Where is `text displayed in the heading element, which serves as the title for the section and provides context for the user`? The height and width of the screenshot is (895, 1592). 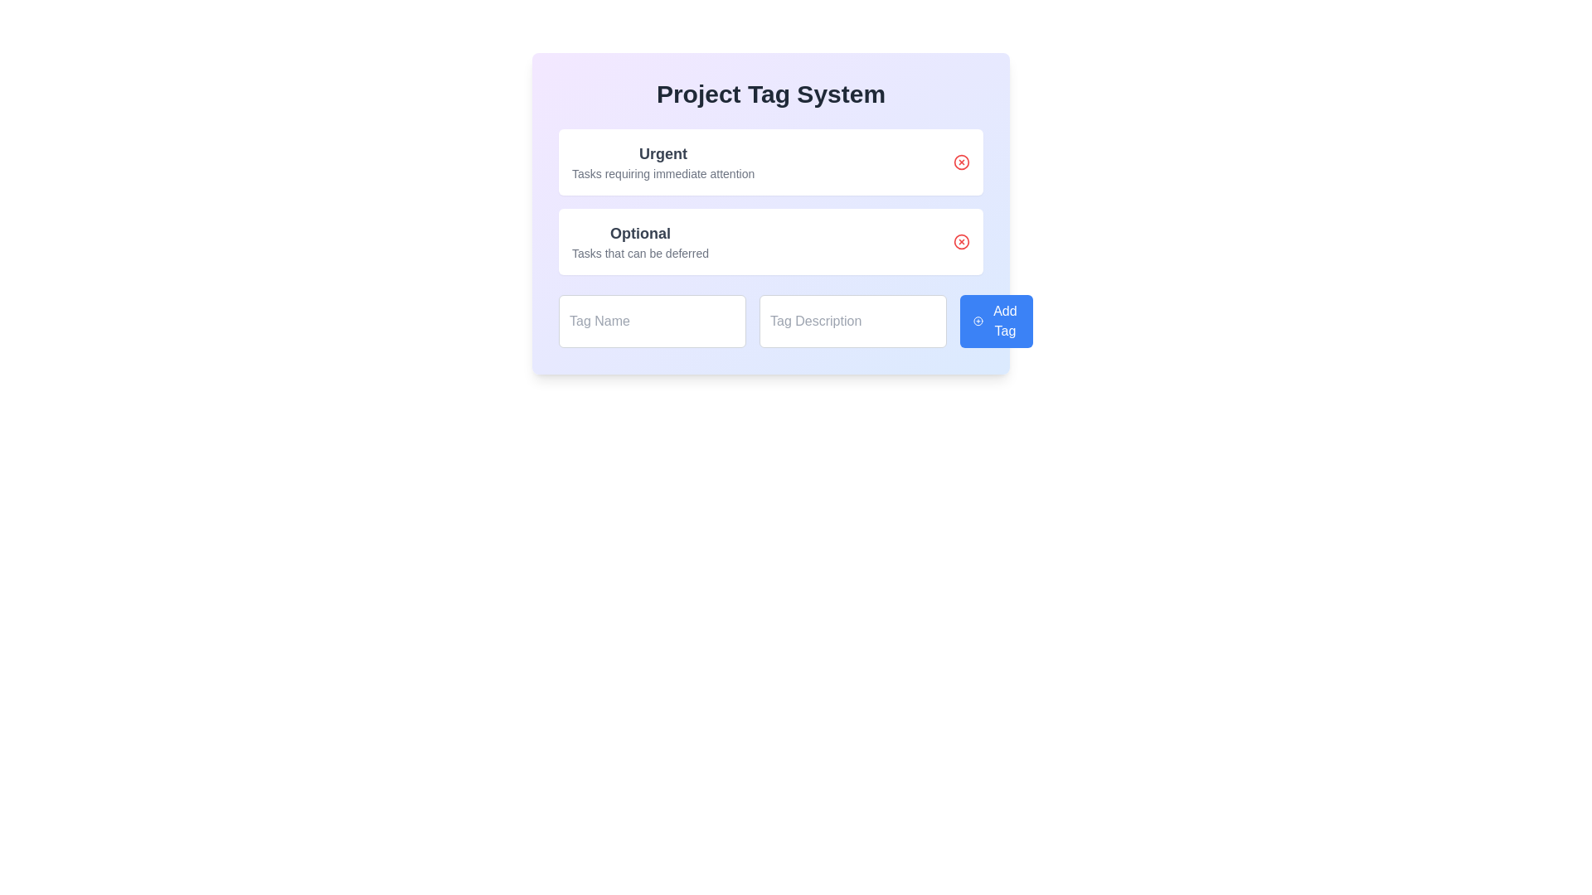
text displayed in the heading element, which serves as the title for the section and provides context for the user is located at coordinates (770, 94).